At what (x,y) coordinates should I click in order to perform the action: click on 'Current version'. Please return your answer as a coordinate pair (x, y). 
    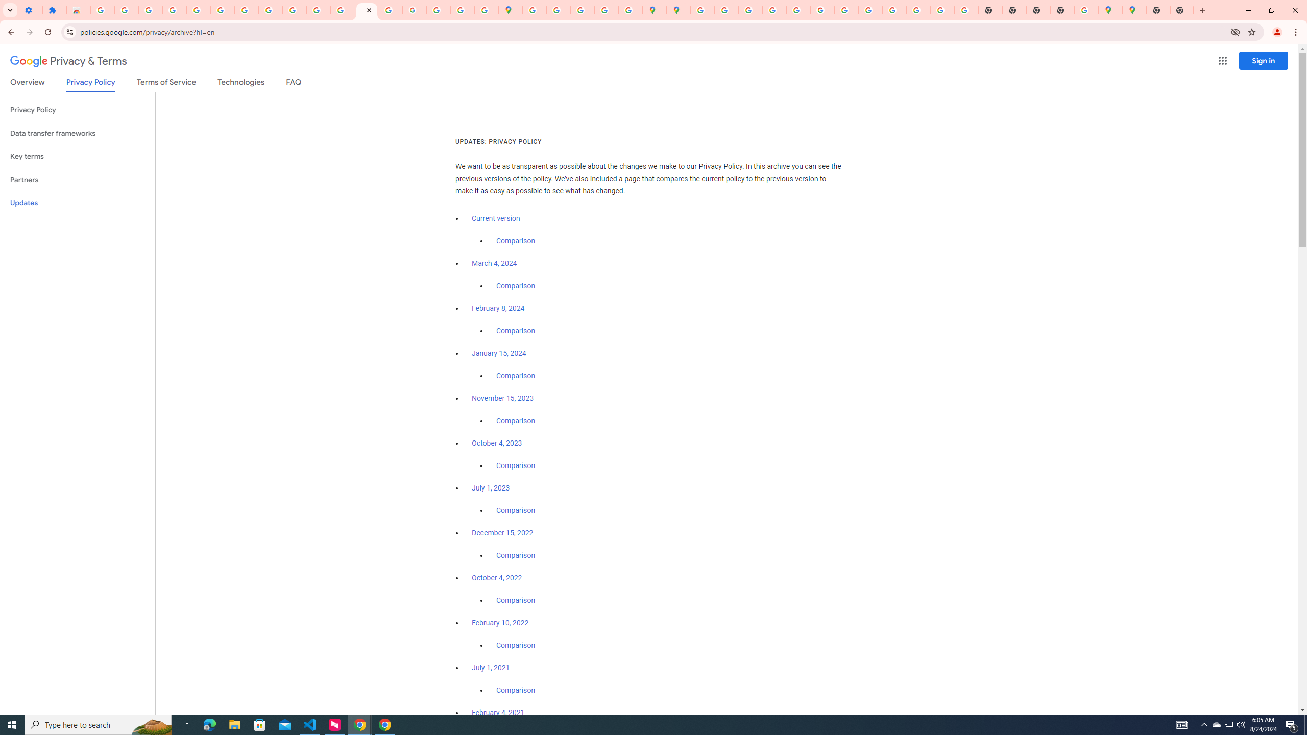
    Looking at the image, I should click on (495, 218).